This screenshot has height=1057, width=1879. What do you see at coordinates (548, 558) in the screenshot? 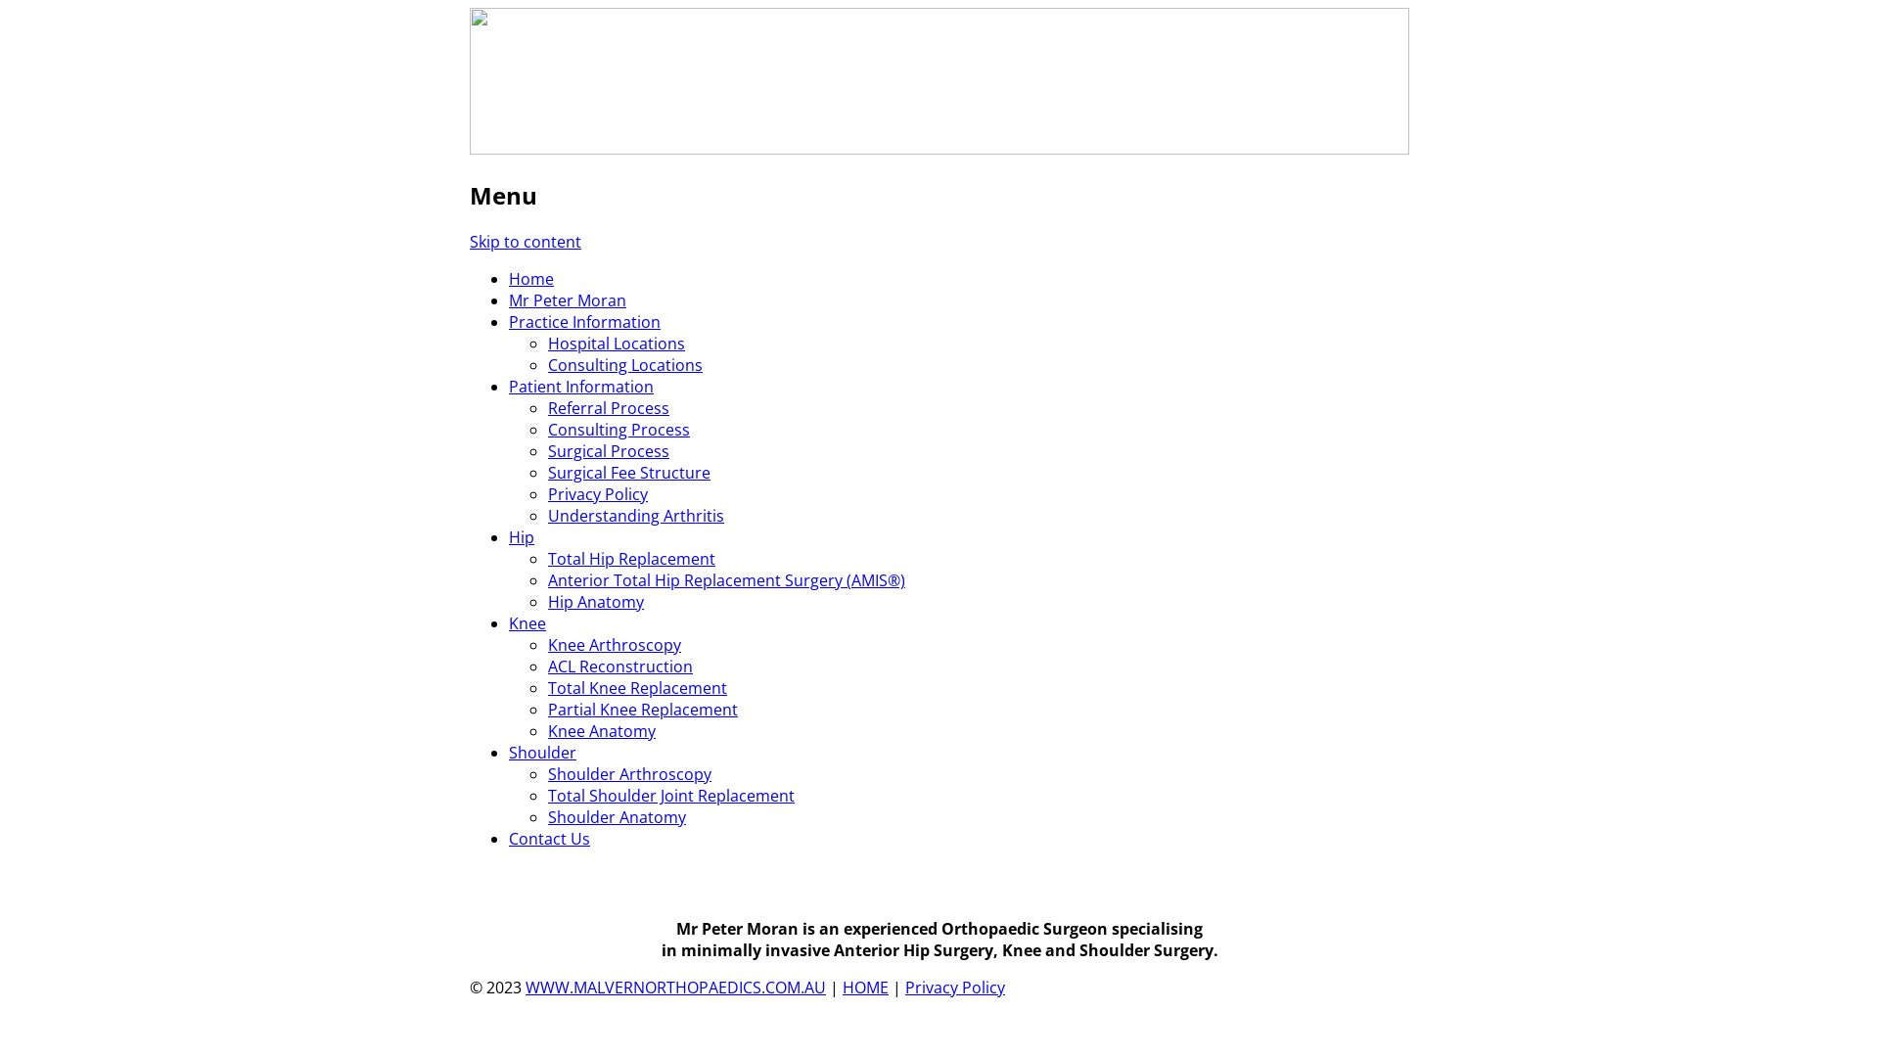
I see `'Total Hip Replacement'` at bounding box center [548, 558].